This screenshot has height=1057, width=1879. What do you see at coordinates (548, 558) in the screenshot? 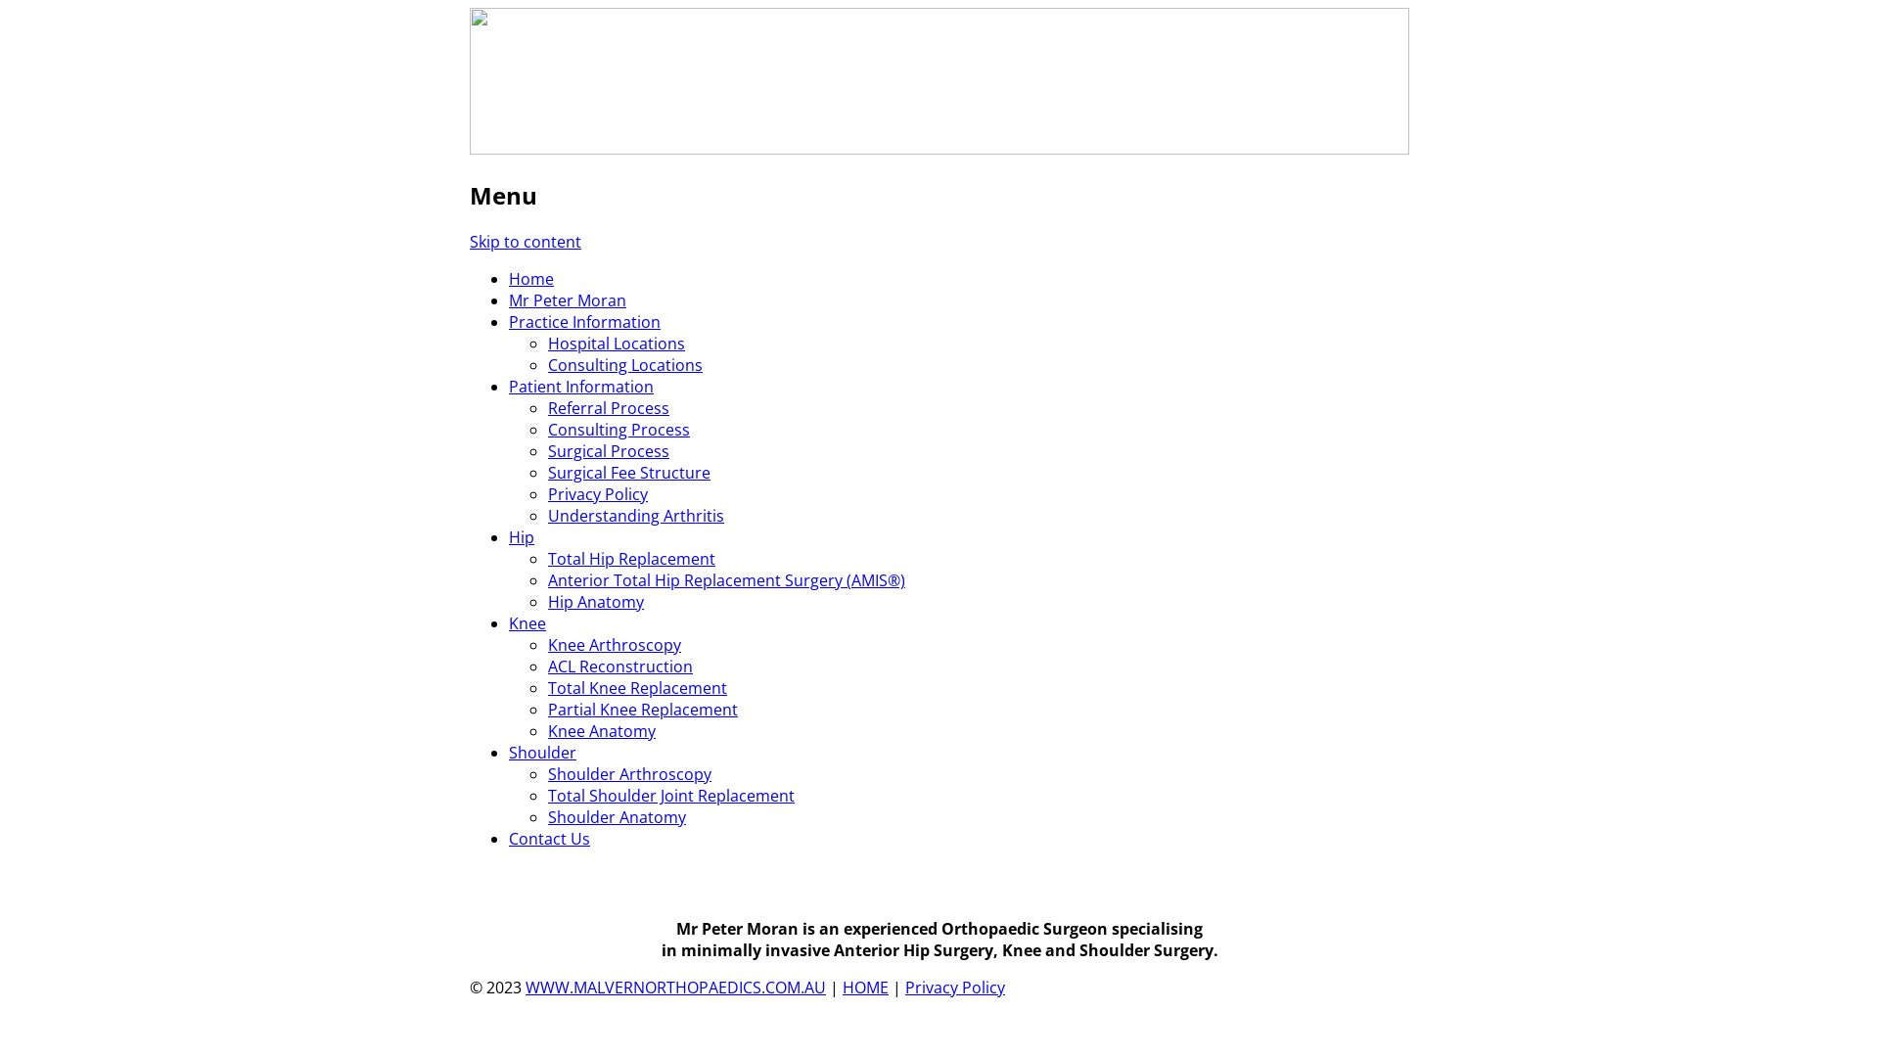
I see `'Total Hip Replacement'` at bounding box center [548, 558].